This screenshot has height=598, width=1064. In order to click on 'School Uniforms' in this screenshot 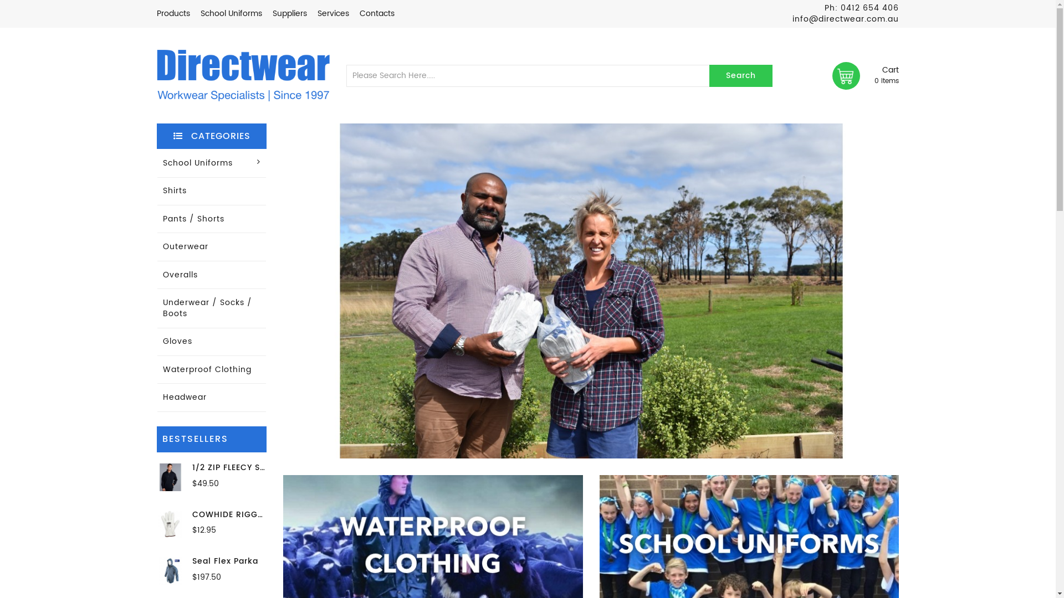, I will do `click(212, 163)`.